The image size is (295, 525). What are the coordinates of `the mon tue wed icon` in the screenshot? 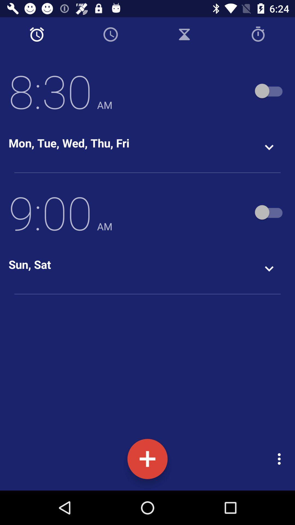 It's located at (69, 143).